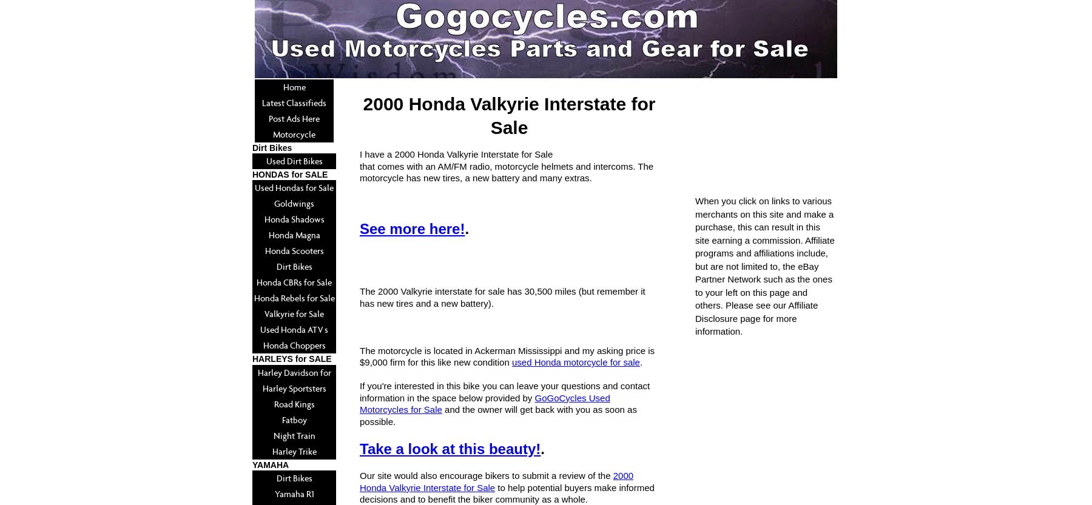 The image size is (1092, 505). I want to click on 'I have a 2000 Honda Valkyrie Interstate for Sale', so click(359, 154).